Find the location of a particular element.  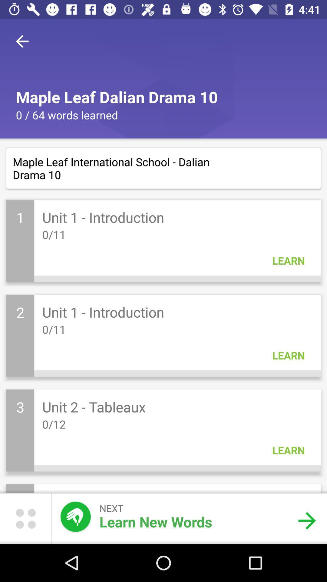

the learn in the first block is located at coordinates (288, 260).